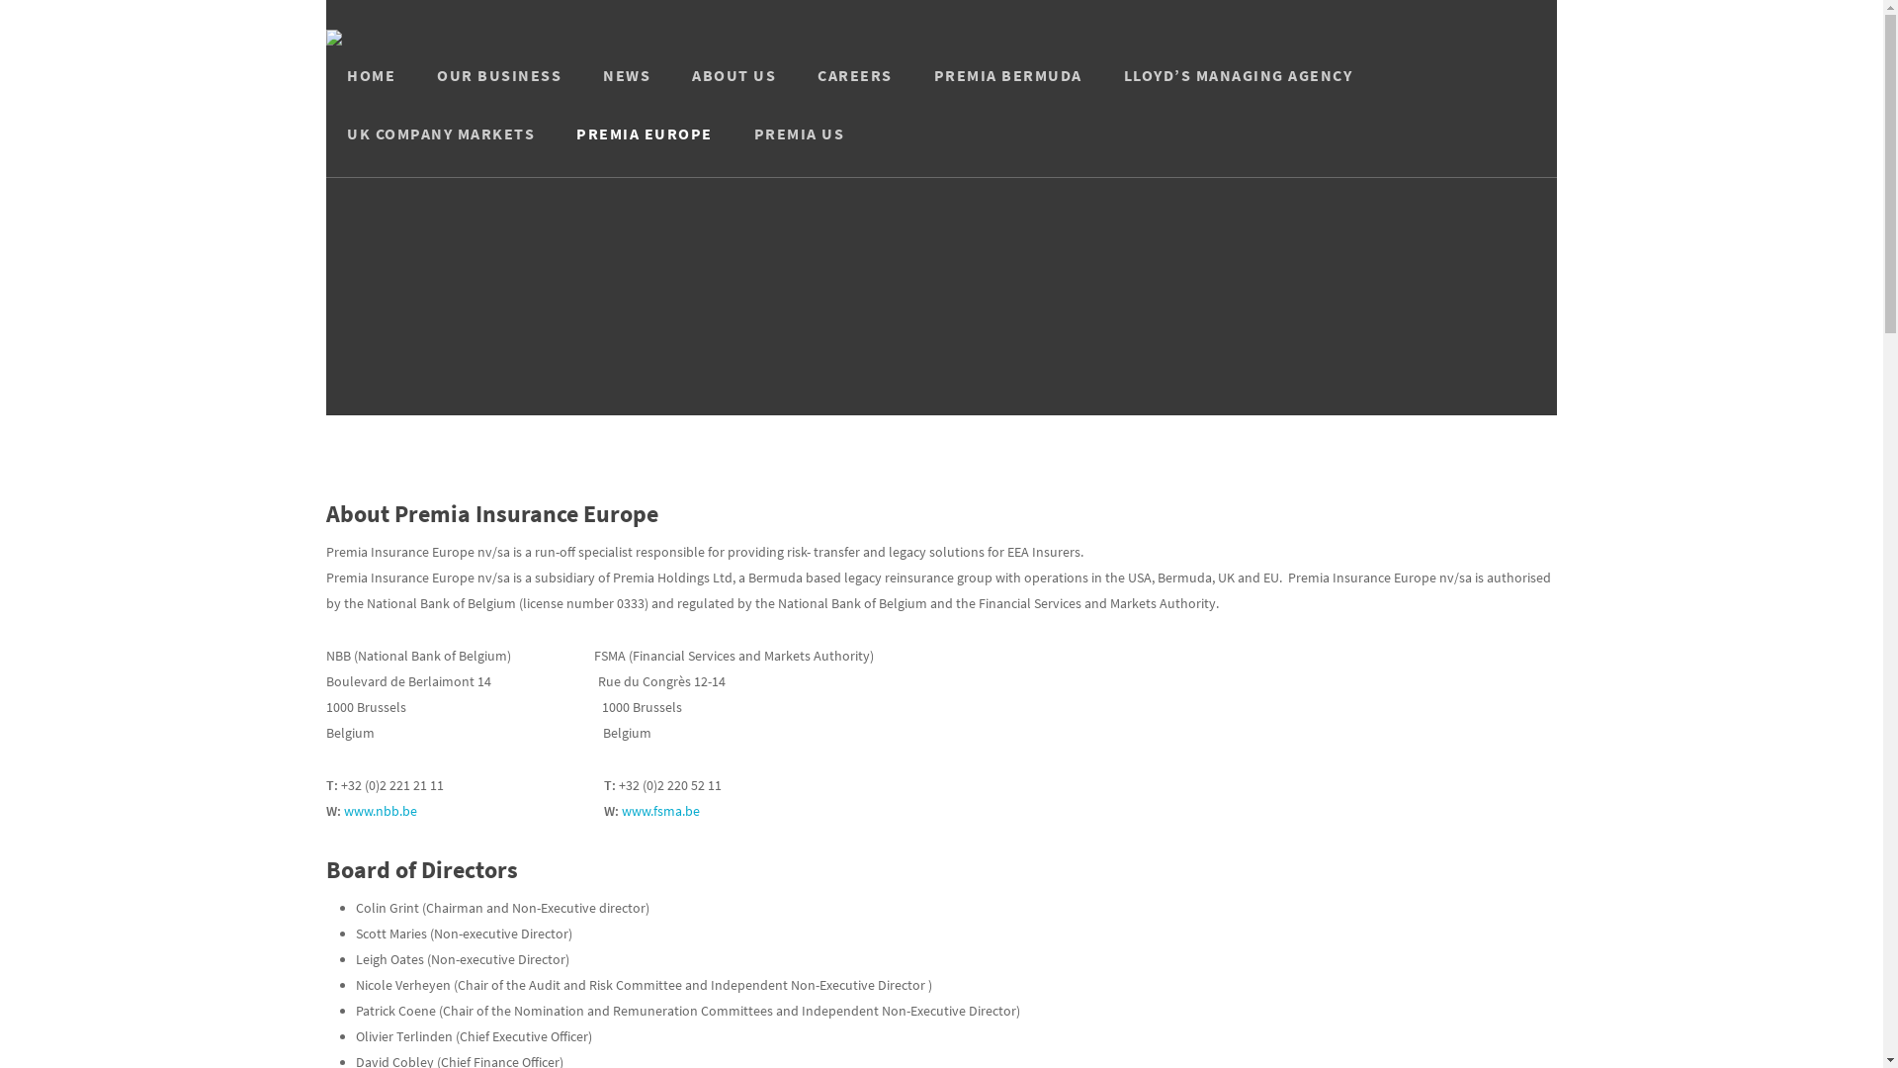 The image size is (1898, 1068). Describe the element at coordinates (371, 90) in the screenshot. I see `'HOME'` at that location.